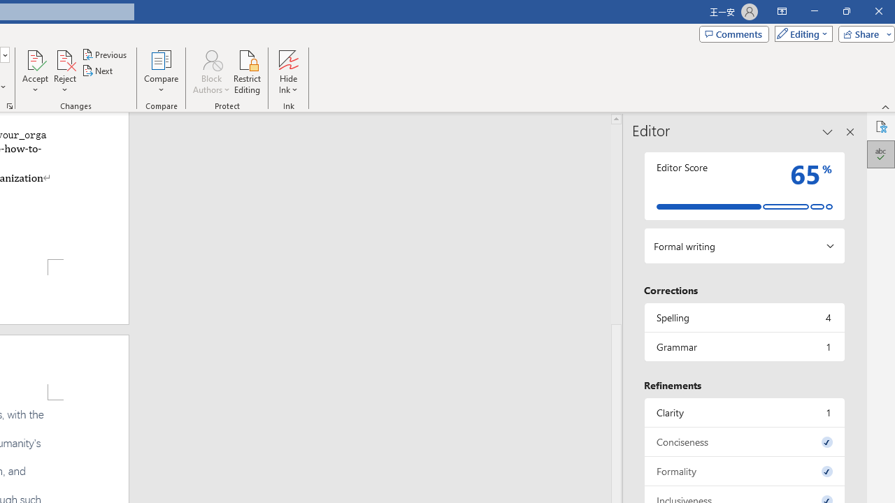  I want to click on 'Next', so click(97, 71).